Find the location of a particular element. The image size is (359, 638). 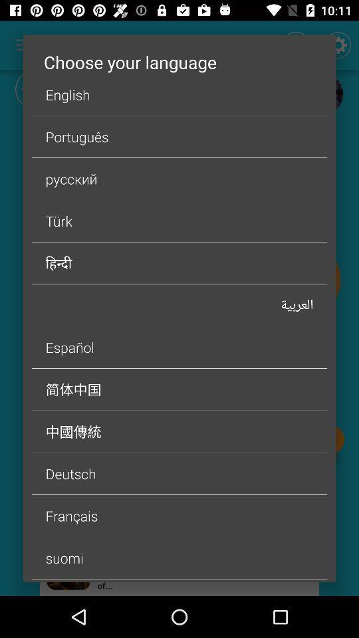

the item above dutch icon is located at coordinates (179, 558).